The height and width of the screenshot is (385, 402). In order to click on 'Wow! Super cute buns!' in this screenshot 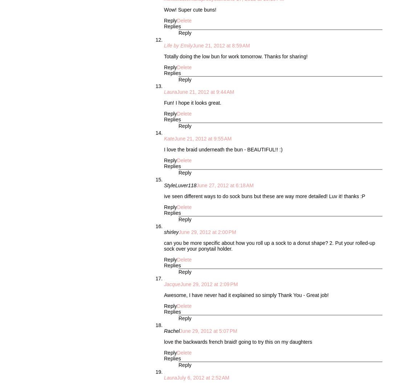, I will do `click(189, 9)`.